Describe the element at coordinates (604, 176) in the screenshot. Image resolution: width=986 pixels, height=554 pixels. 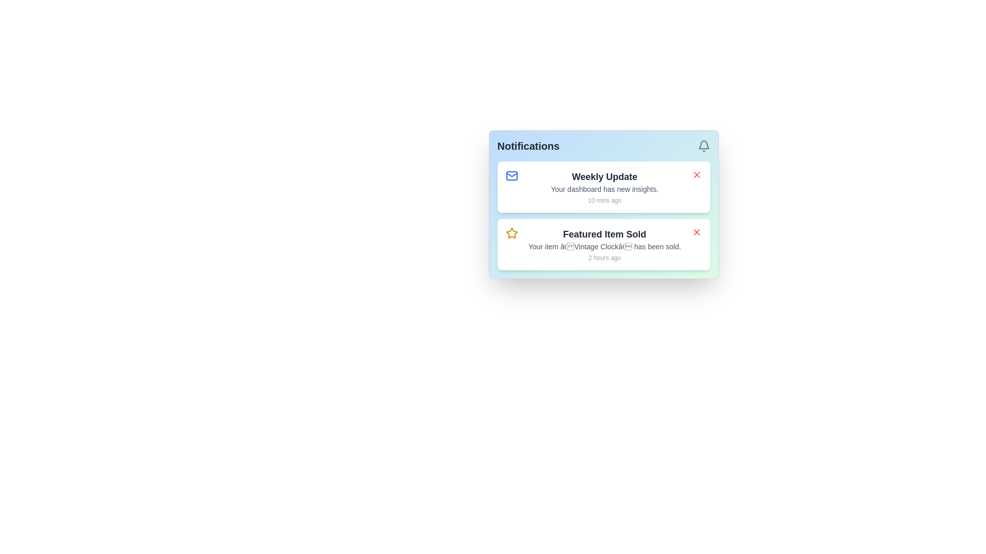
I see `text content of the title 'Weekly Update' displayed in bold at the top of the first notification card` at that location.